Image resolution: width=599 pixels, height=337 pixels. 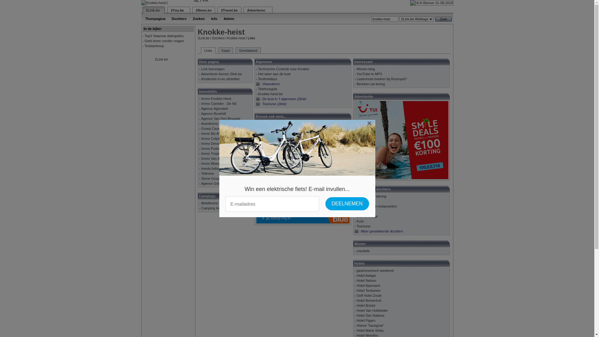 I want to click on 'Inesta bvba', so click(x=210, y=168).